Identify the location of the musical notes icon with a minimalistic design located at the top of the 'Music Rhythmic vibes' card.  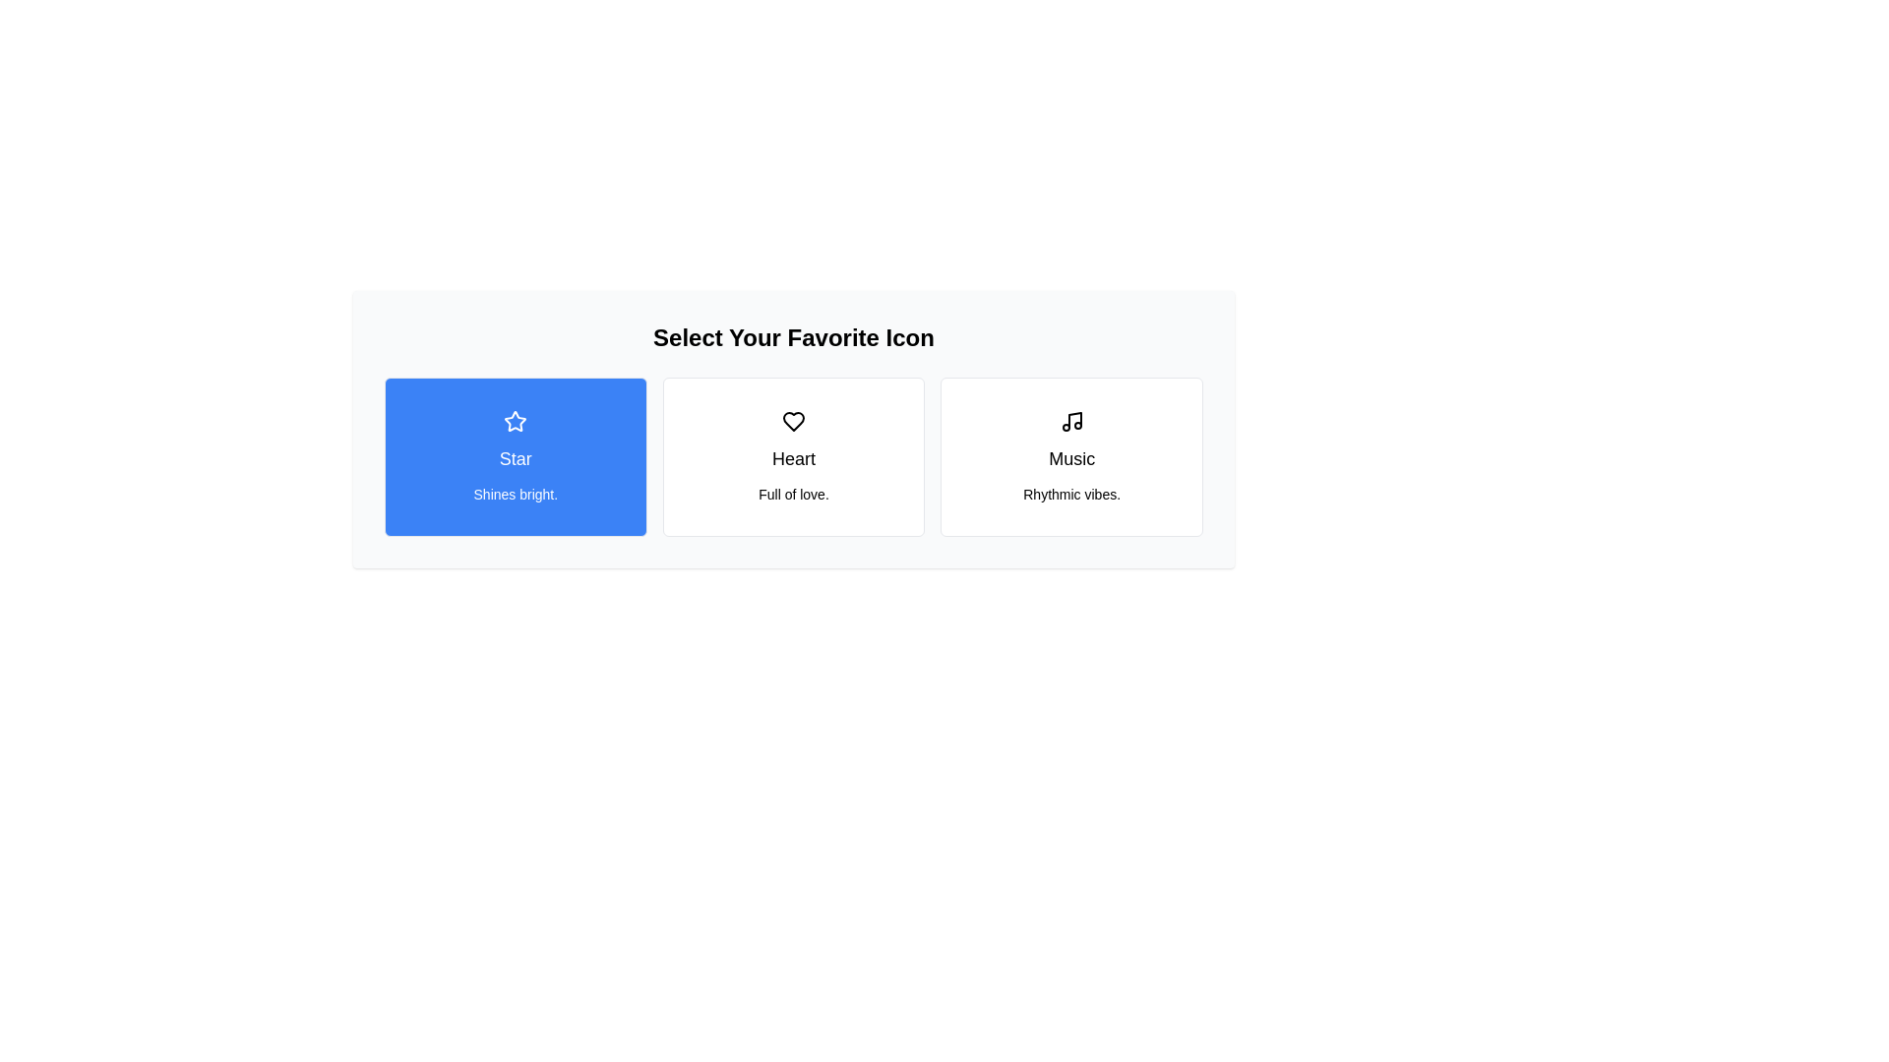
(1070, 420).